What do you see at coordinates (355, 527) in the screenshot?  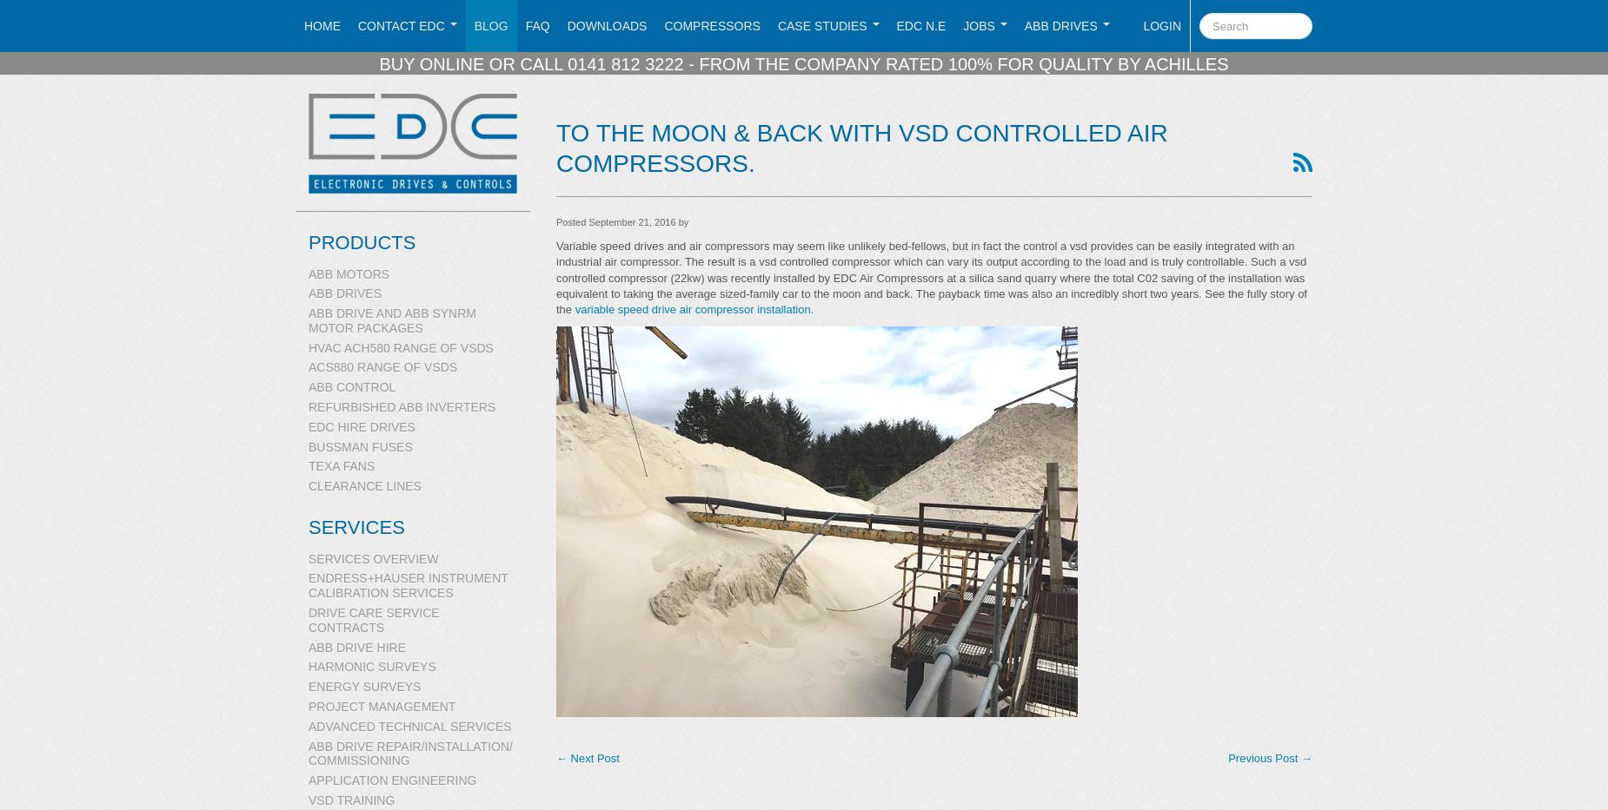 I see `'Services'` at bounding box center [355, 527].